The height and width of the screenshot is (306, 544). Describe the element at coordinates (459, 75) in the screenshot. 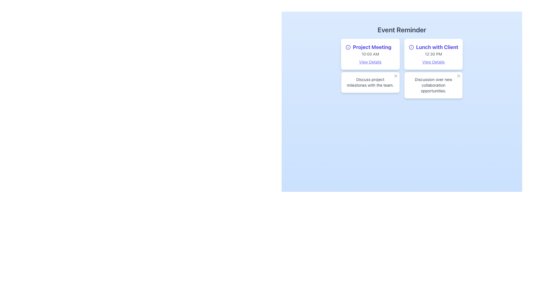

I see `the 'X' icon button located at the top-right corner of the card discussing 'Discussion over new collaboration opportunities'` at that location.